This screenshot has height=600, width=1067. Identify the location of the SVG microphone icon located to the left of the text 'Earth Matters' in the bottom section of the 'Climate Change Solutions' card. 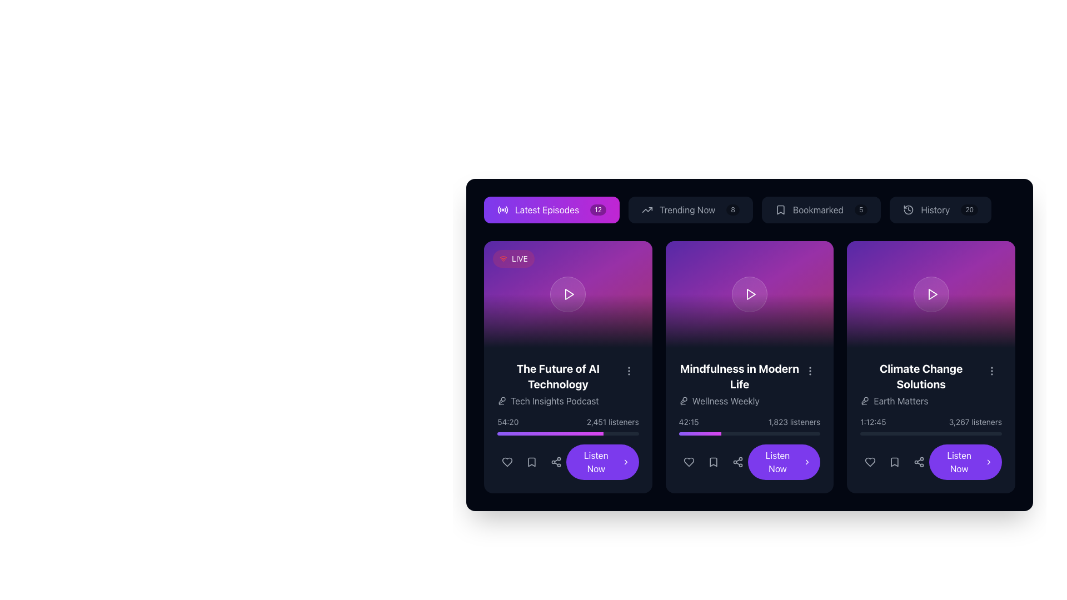
(864, 401).